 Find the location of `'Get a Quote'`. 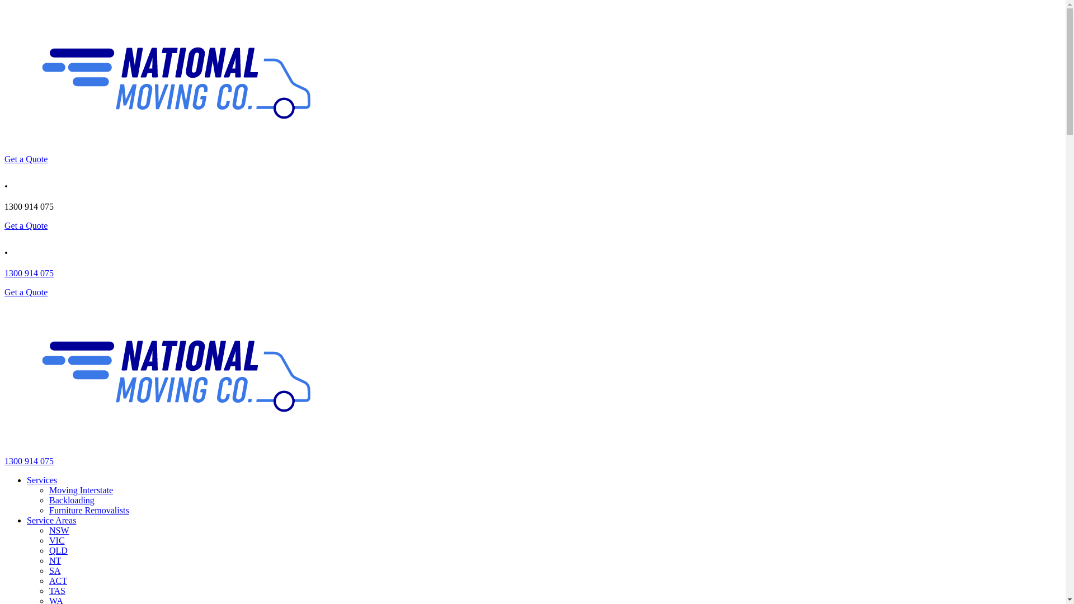

'Get a Quote' is located at coordinates (26, 159).